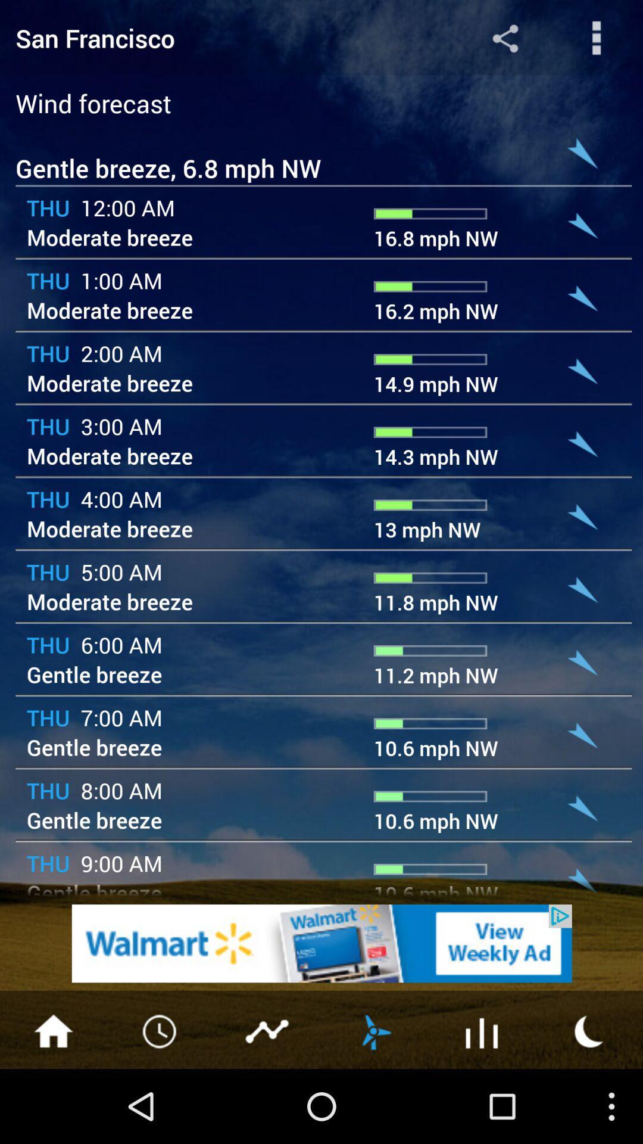 The height and width of the screenshot is (1144, 643). I want to click on home option, so click(52, 1030).